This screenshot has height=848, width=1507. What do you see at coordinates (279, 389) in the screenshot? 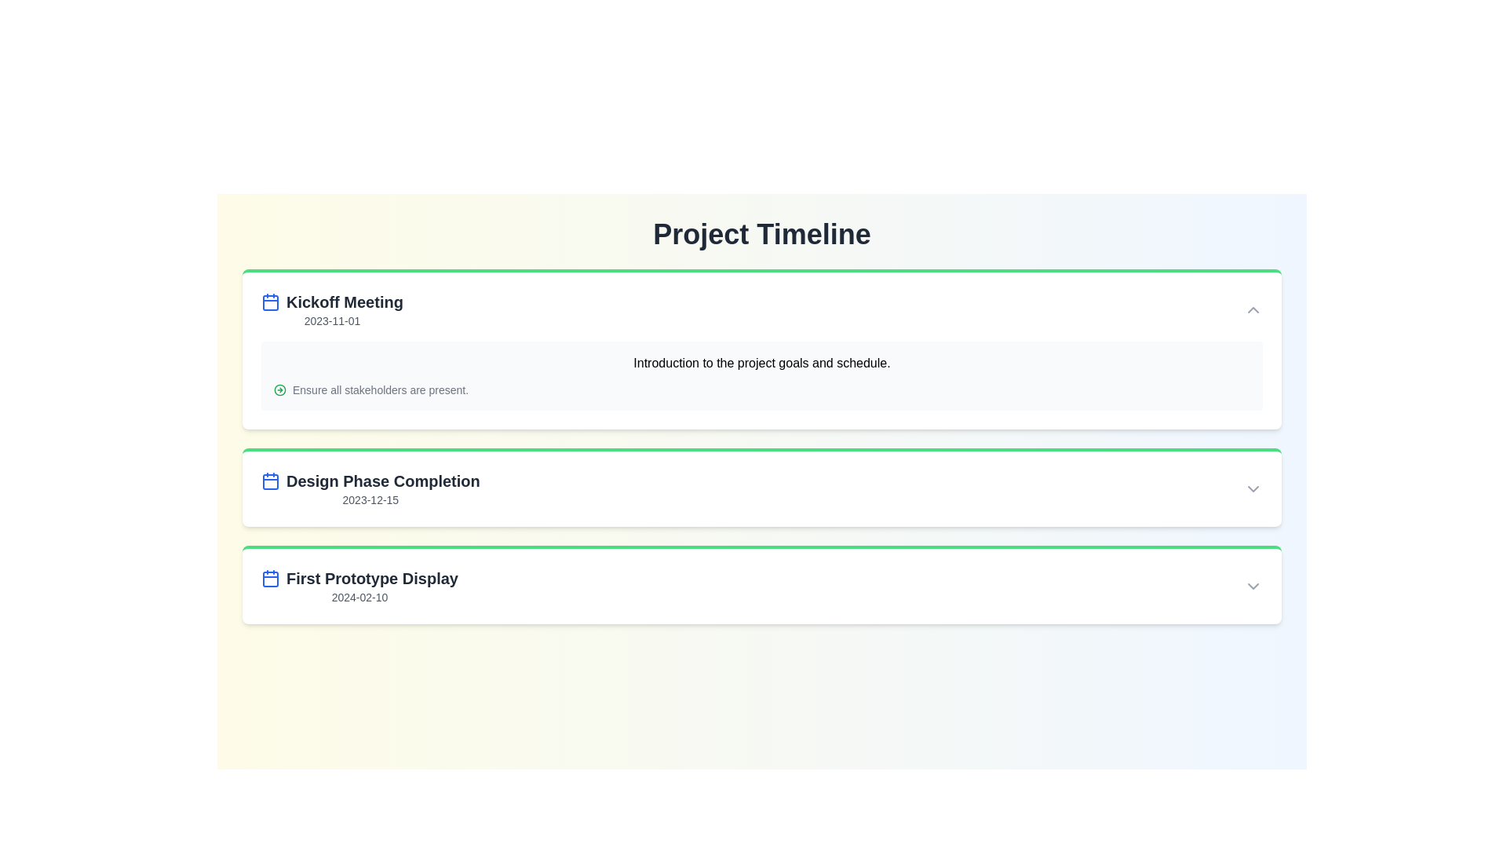
I see `the circular component of the SVG icon located in the top-right corner of the 'Kickoff Meeting' section in the vertical timeline interface` at bounding box center [279, 389].